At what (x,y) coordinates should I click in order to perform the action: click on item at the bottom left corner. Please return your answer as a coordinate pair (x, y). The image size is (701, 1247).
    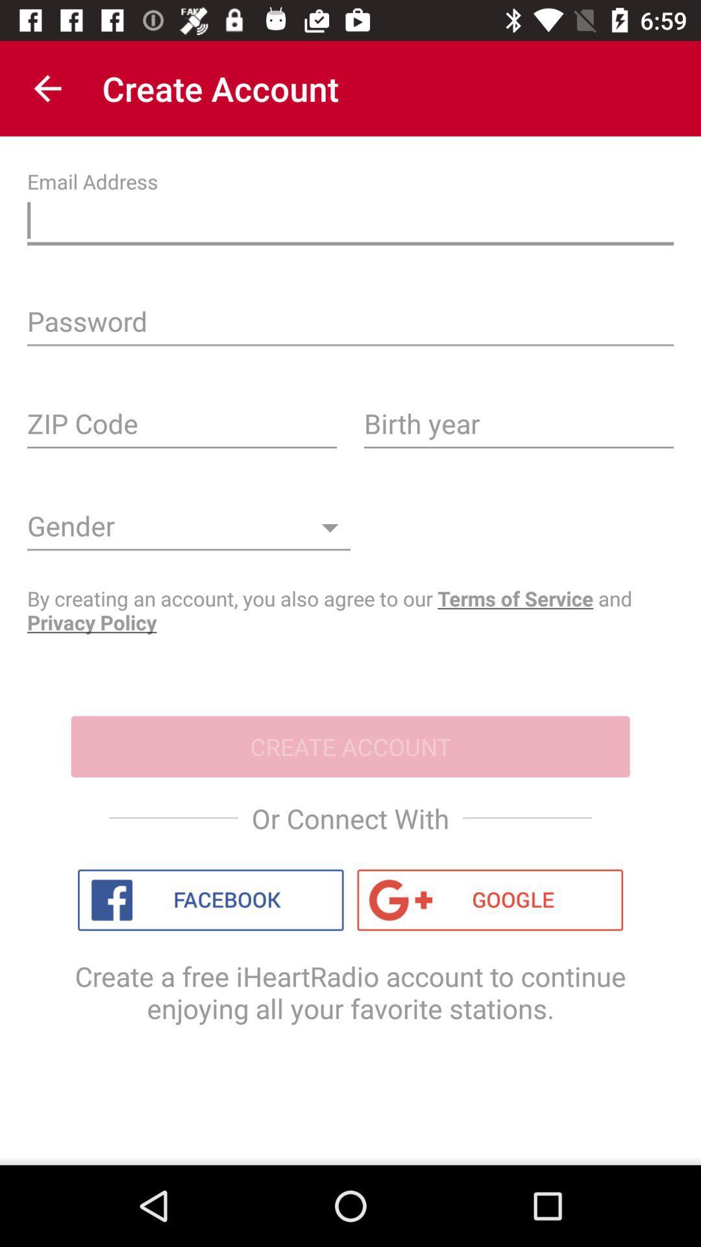
    Looking at the image, I should click on (210, 900).